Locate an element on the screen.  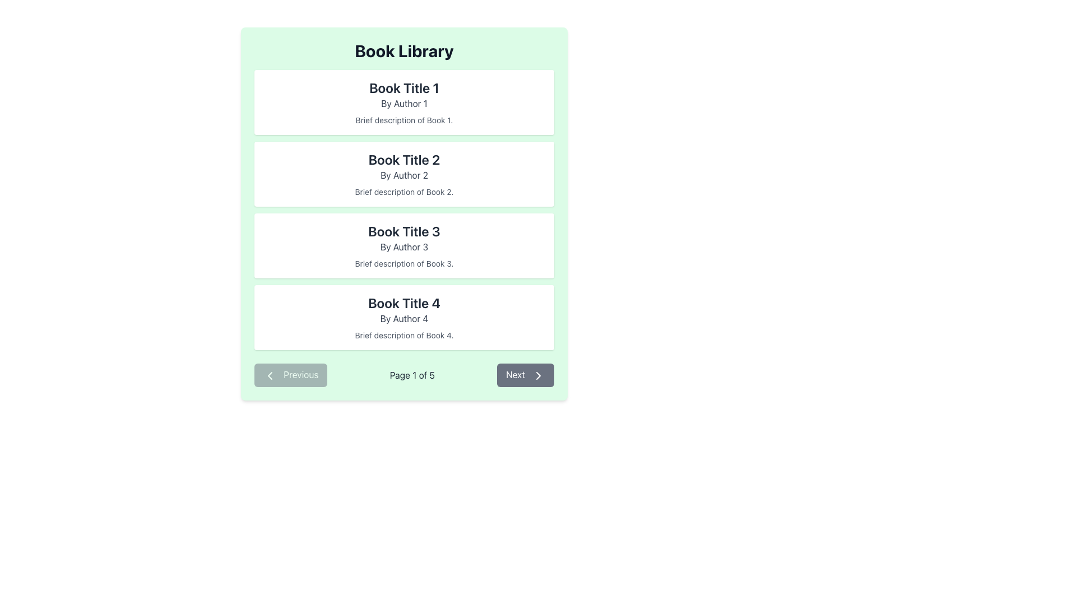
author label text located below 'Book Title 2' and above the description text, centered within the card is located at coordinates (403, 175).